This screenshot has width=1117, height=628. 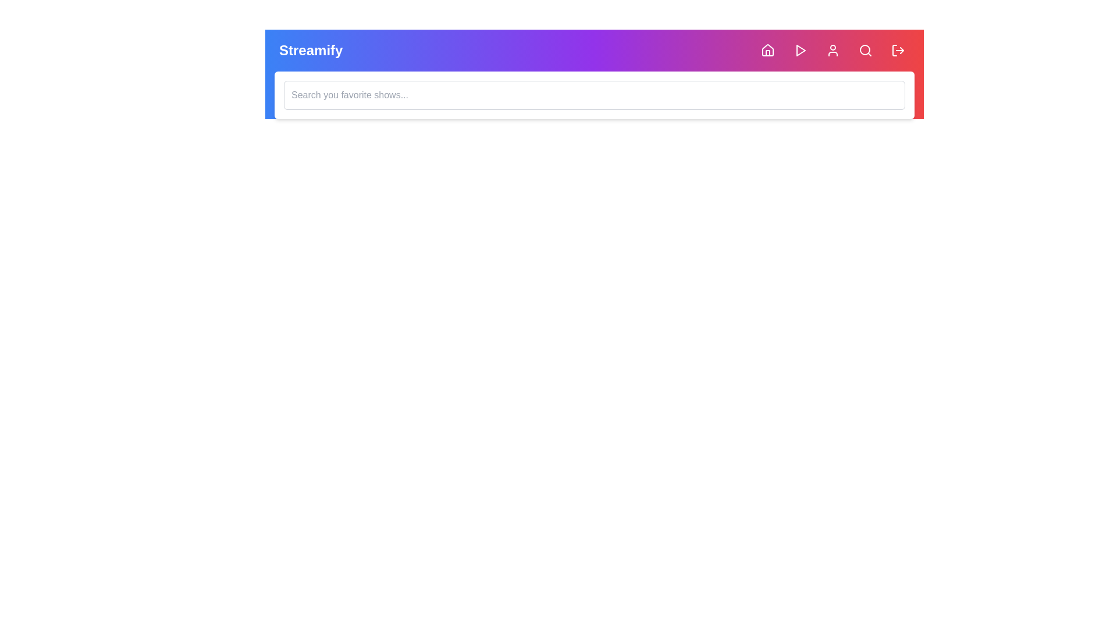 I want to click on the Search button to toggle the visibility of the search bar, so click(x=866, y=50).